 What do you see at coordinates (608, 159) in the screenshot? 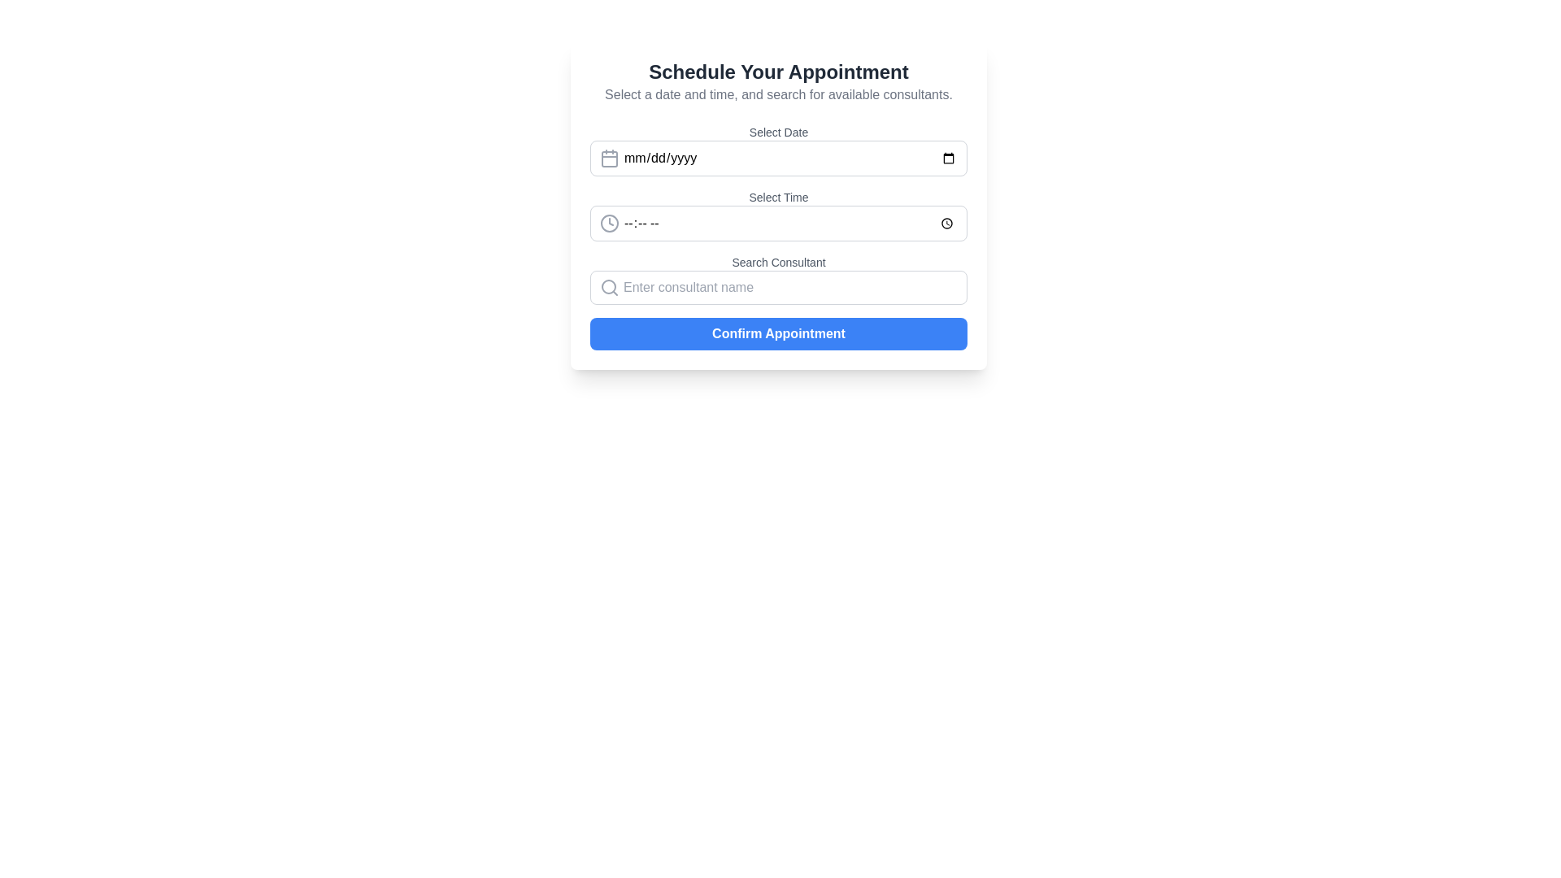
I see `the calendar icon that serves as a visual indicator for the date input field, positioned to the left of the 'Select Date' label` at bounding box center [608, 159].